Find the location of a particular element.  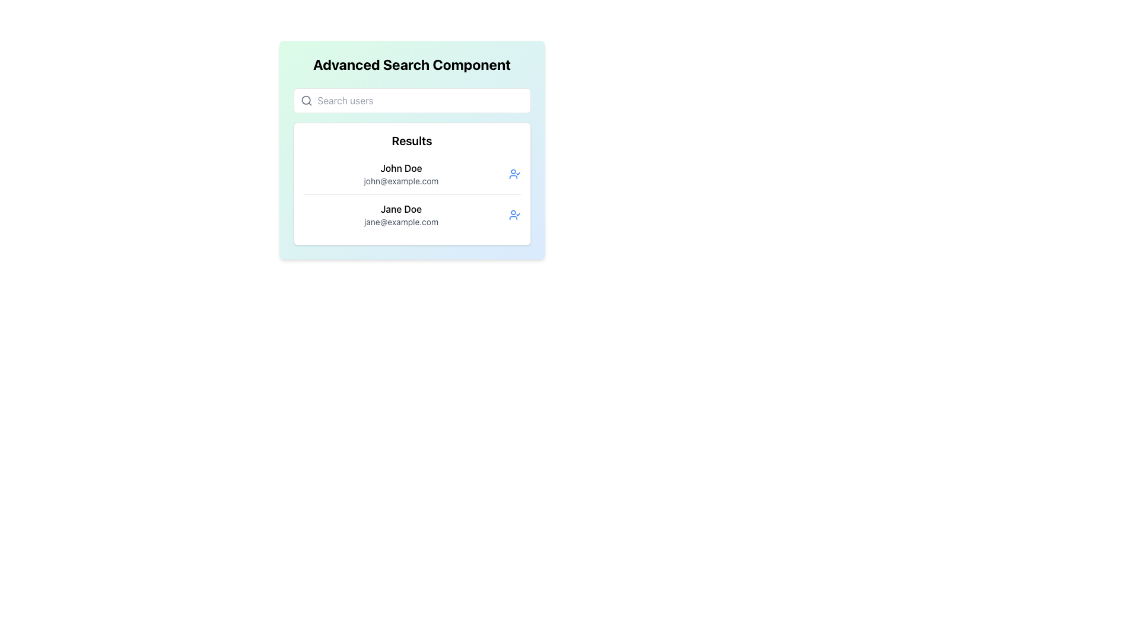

the icon button indicating verified status next to 'John Doe' in the list is located at coordinates (514, 174).